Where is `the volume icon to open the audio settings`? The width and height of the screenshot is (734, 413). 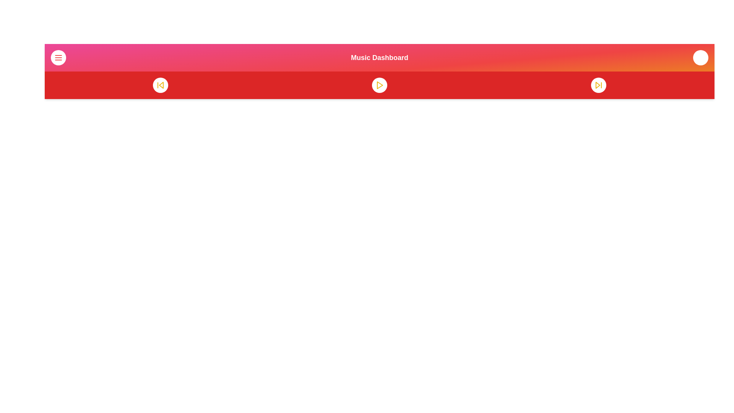
the volume icon to open the audio settings is located at coordinates (701, 57).